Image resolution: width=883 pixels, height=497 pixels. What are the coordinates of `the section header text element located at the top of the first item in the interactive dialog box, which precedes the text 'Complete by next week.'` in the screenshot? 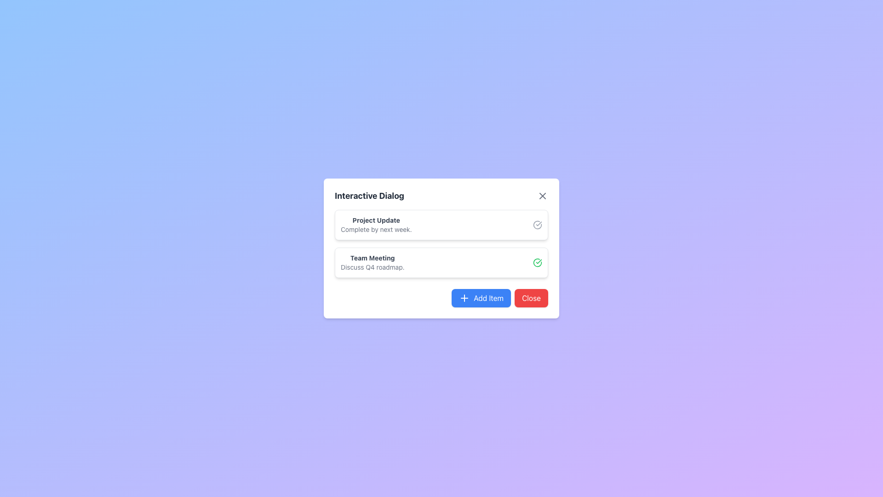 It's located at (376, 220).